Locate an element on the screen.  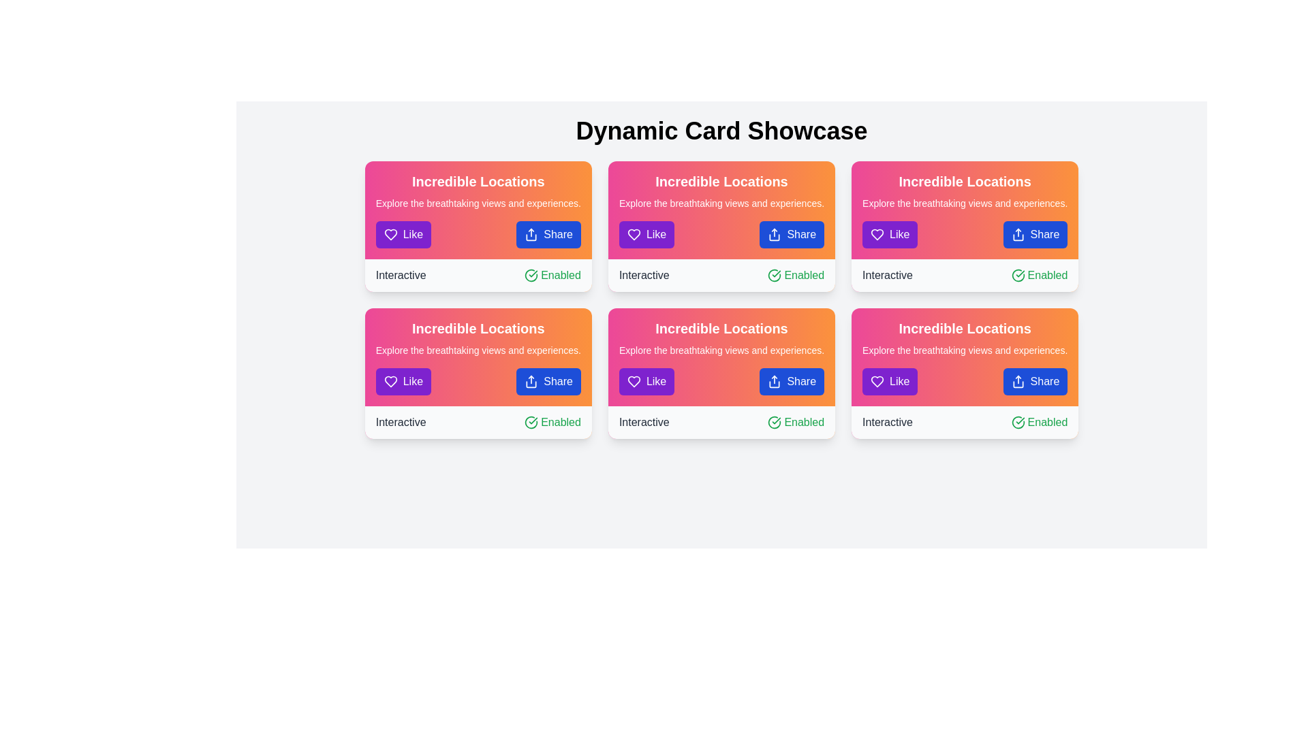
the 'Like' icon located centrally within the 'Incredible Locations' card, positioned to the left of the 'Share' button, to express preference is located at coordinates (390, 381).